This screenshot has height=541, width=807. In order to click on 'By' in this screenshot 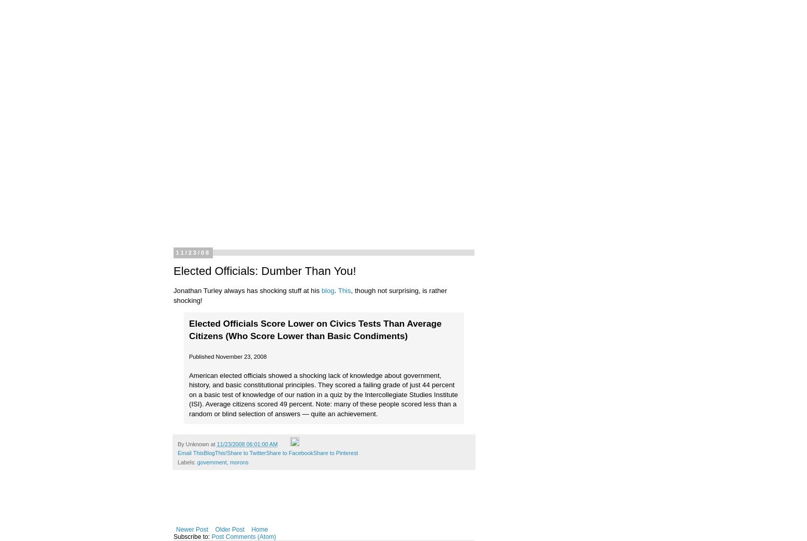, I will do `click(181, 444)`.